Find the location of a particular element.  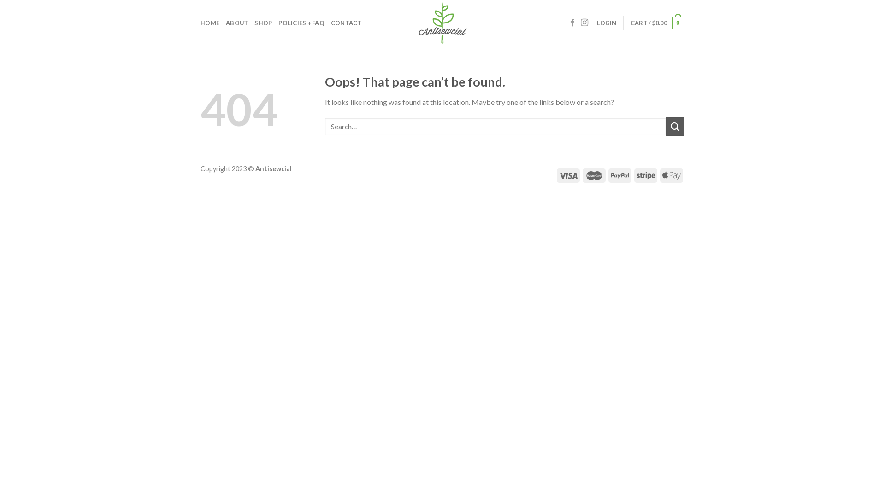

'POLICIES + FAQ' is located at coordinates (301, 23).